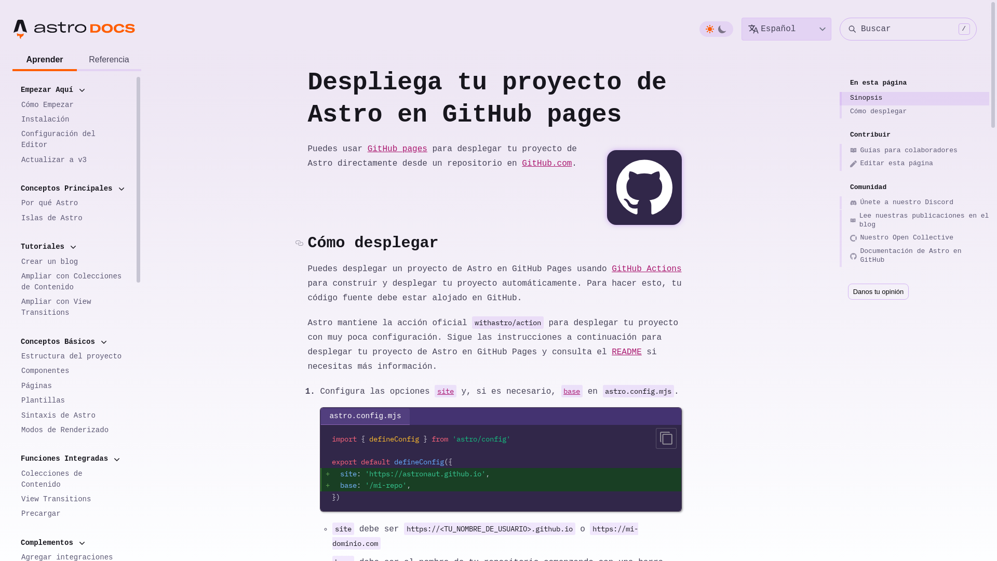 The width and height of the screenshot is (997, 561). What do you see at coordinates (397, 149) in the screenshot?
I see `'GitHub pages'` at bounding box center [397, 149].